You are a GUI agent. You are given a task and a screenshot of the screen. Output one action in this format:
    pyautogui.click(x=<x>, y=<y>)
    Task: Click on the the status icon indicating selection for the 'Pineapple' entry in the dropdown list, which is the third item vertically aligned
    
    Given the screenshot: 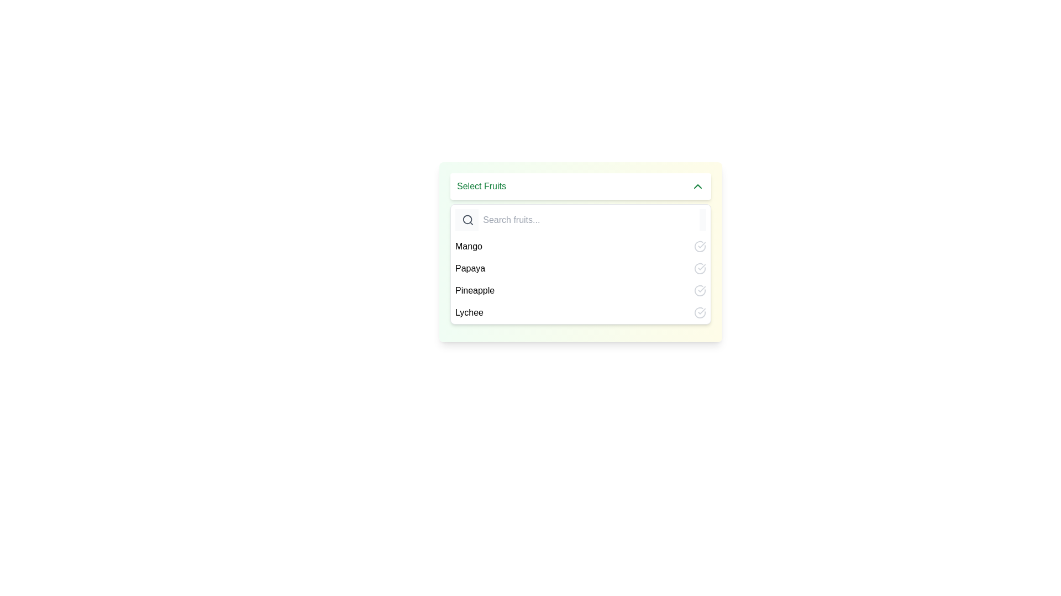 What is the action you would take?
    pyautogui.click(x=701, y=289)
    